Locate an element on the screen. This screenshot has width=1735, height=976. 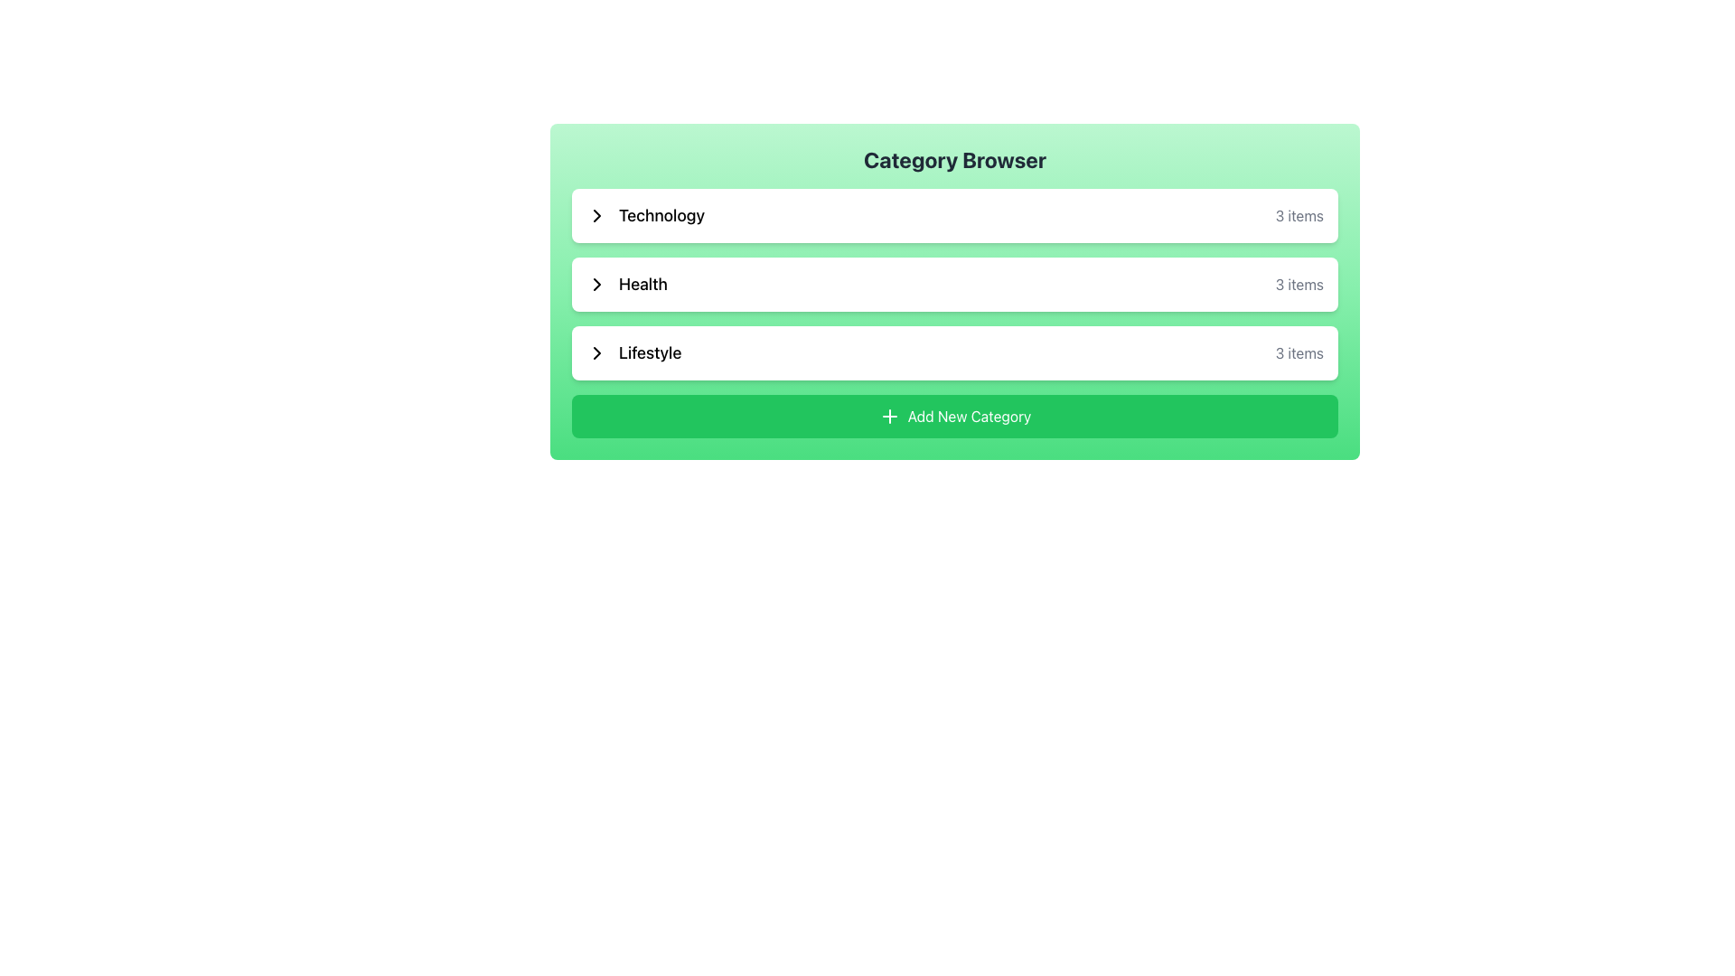
the 'Health' list item in the 'Category Browser' is located at coordinates (953, 291).